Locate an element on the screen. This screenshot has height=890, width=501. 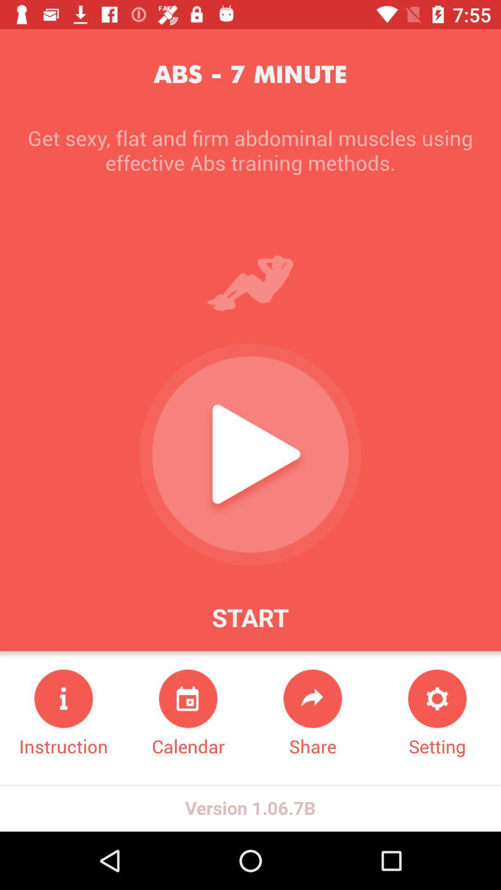
icon to the left of share item is located at coordinates (188, 713).